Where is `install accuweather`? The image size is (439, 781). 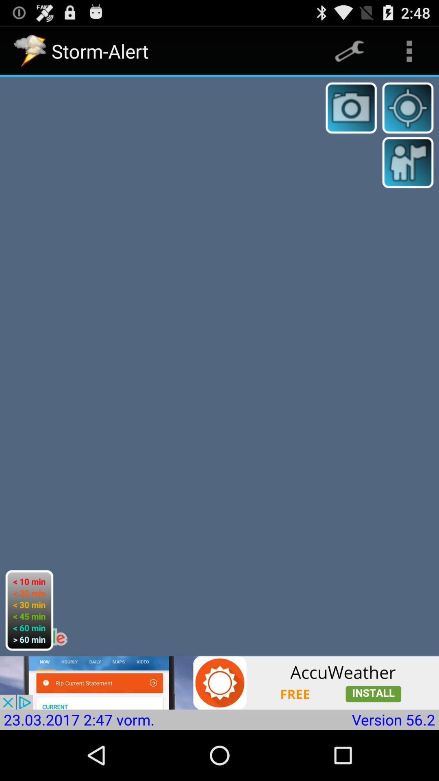
install accuweather is located at coordinates (219, 683).